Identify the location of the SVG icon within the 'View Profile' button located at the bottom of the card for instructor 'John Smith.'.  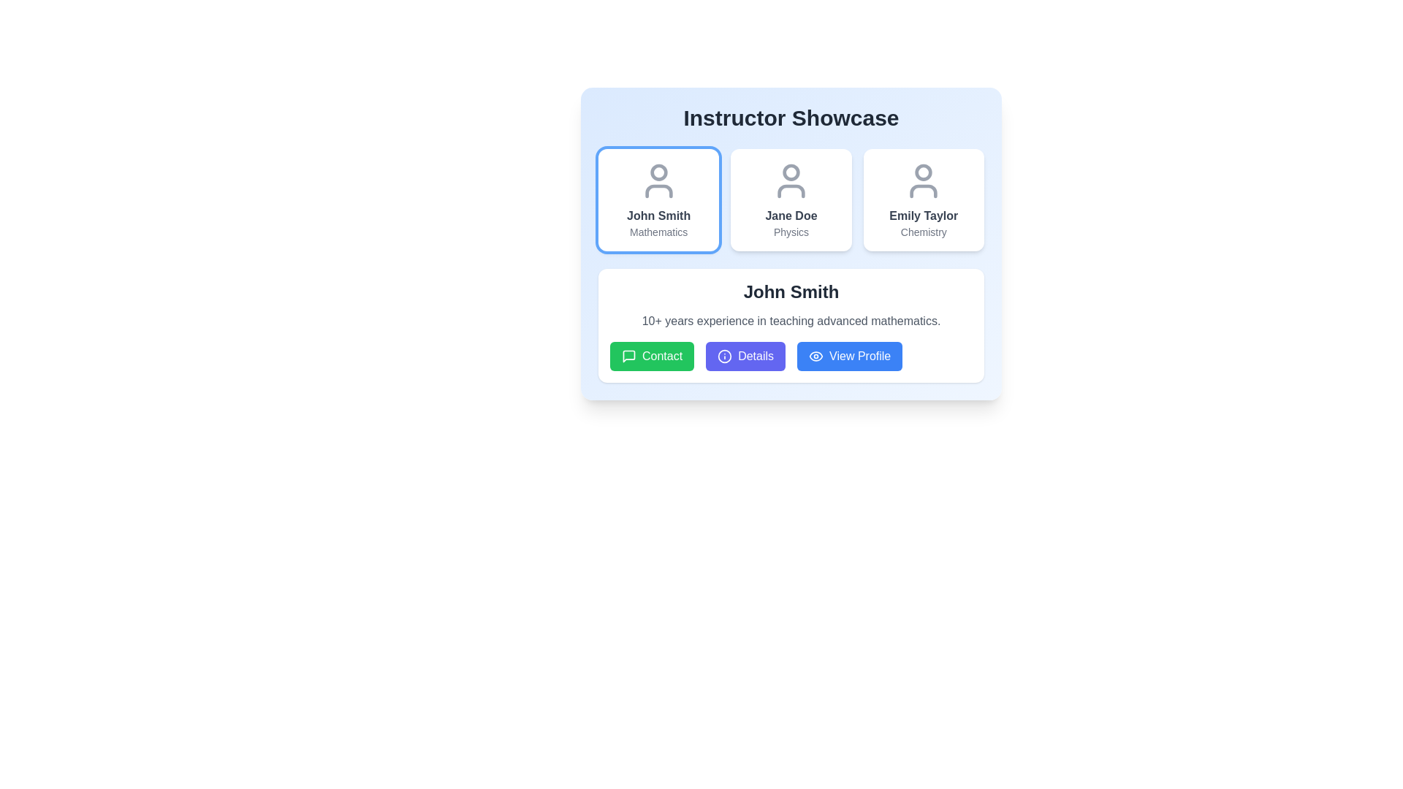
(815, 357).